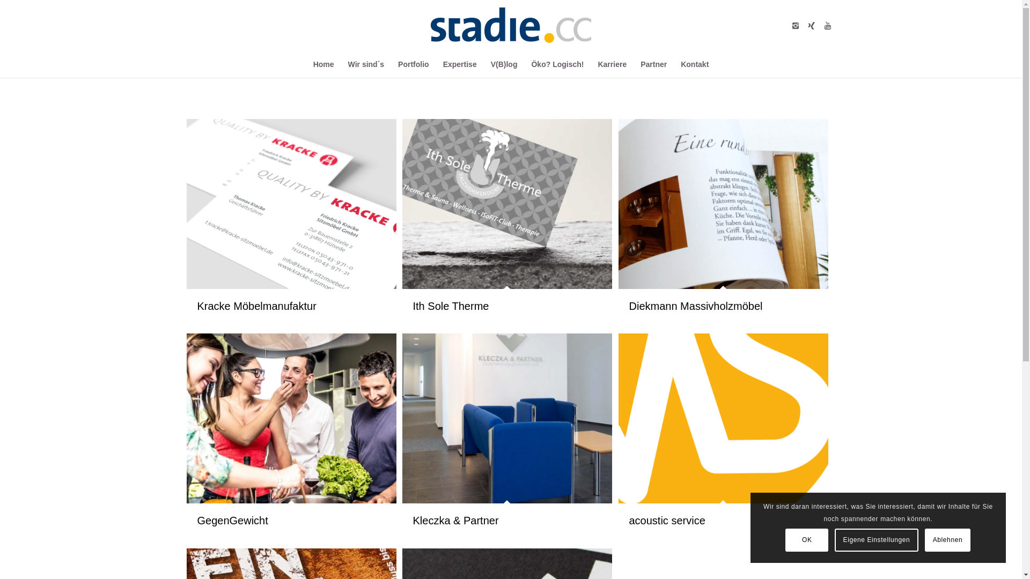 The width and height of the screenshot is (1030, 579). Describe the element at coordinates (819, 24) in the screenshot. I see `'Youtube'` at that location.